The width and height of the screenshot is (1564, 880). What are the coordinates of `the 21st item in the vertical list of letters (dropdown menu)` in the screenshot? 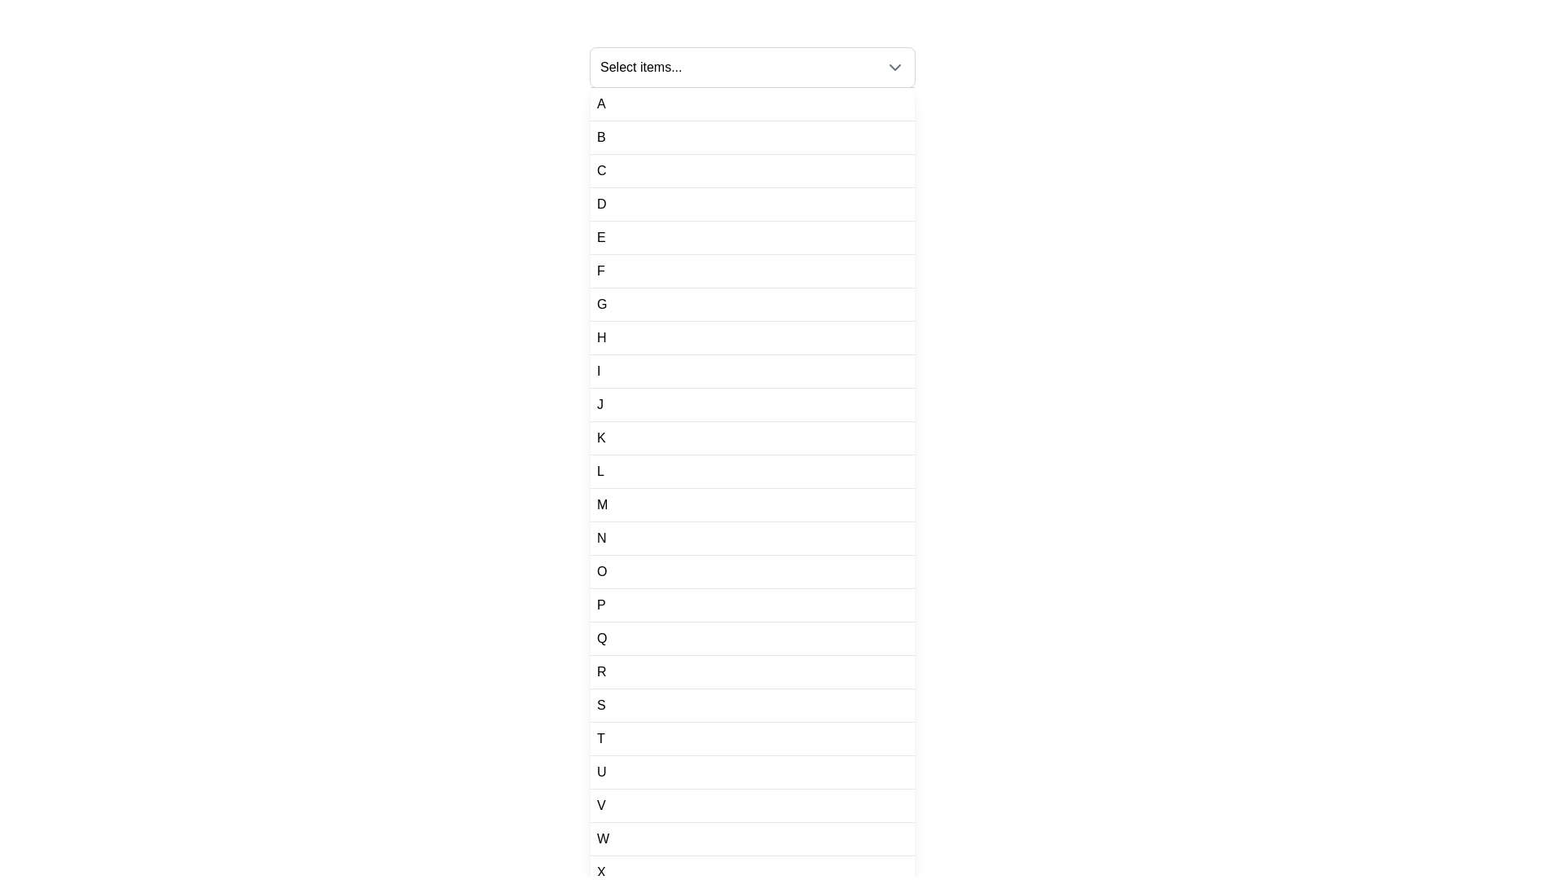 It's located at (752, 772).